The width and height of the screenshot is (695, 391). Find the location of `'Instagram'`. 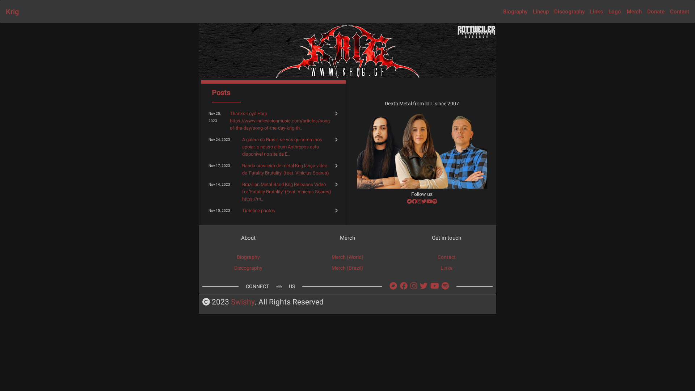

'Instagram' is located at coordinates (410, 286).